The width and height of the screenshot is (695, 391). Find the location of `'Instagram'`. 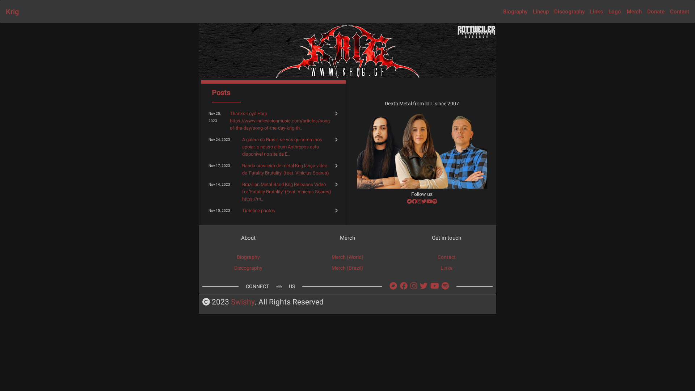

'Instagram' is located at coordinates (410, 286).